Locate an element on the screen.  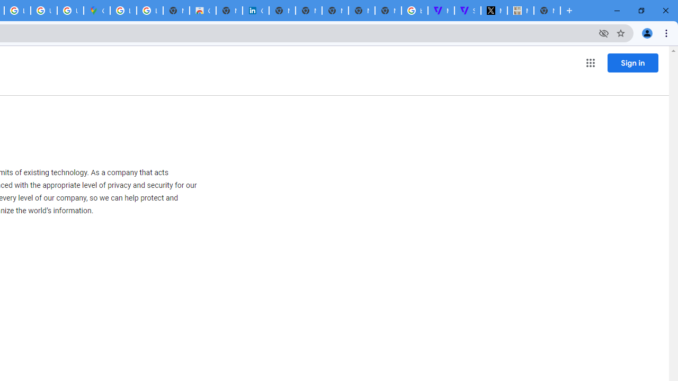
'New Tab' is located at coordinates (547, 11).